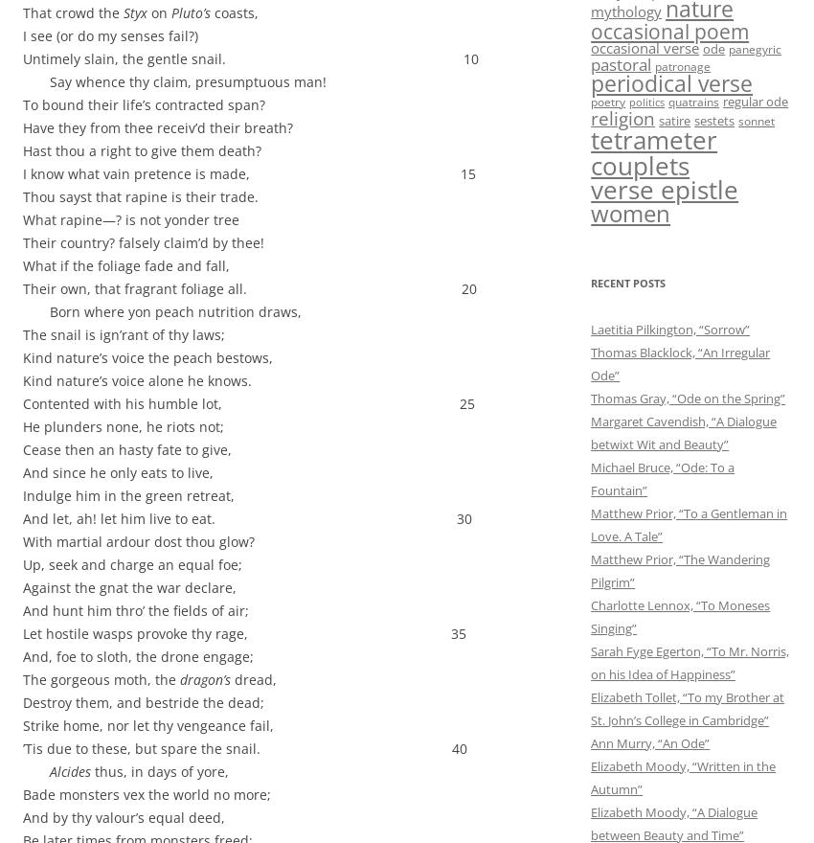 This screenshot has width=814, height=843. What do you see at coordinates (21, 563) in the screenshot?
I see `'Up, seek and charge an equal foe;'` at bounding box center [21, 563].